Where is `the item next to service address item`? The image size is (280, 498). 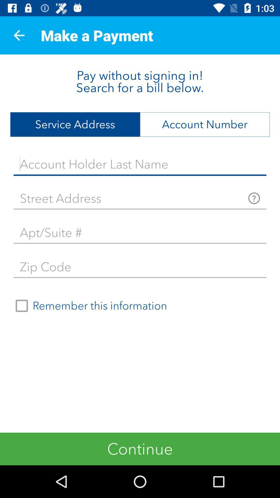
the item next to service address item is located at coordinates (205, 125).